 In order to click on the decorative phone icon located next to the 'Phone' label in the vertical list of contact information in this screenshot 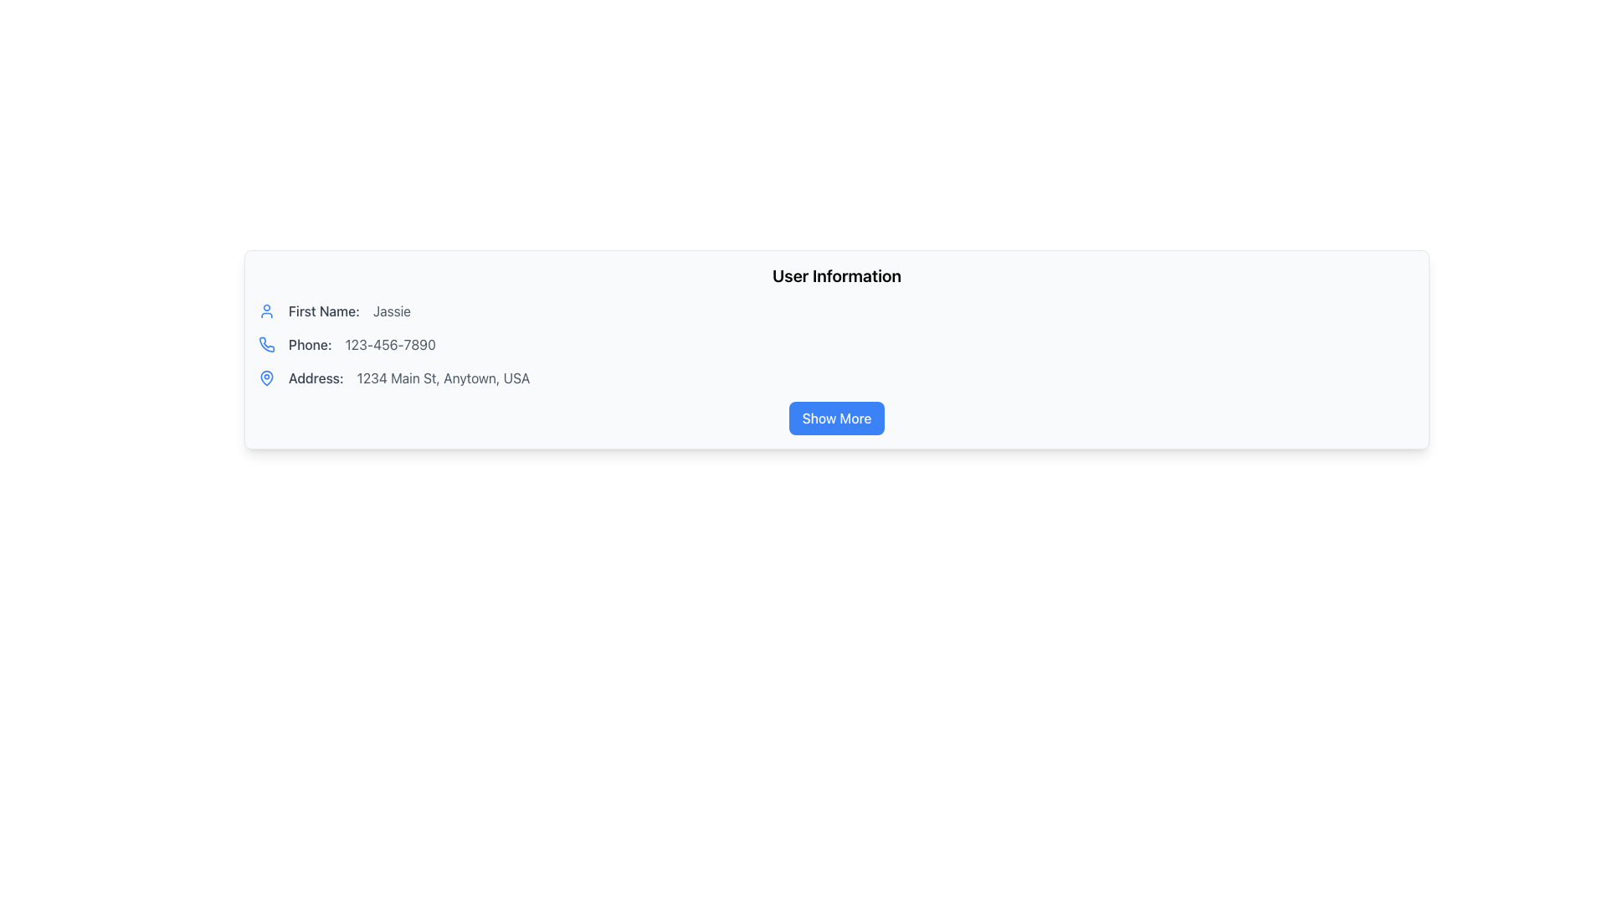, I will do `click(266, 344)`.